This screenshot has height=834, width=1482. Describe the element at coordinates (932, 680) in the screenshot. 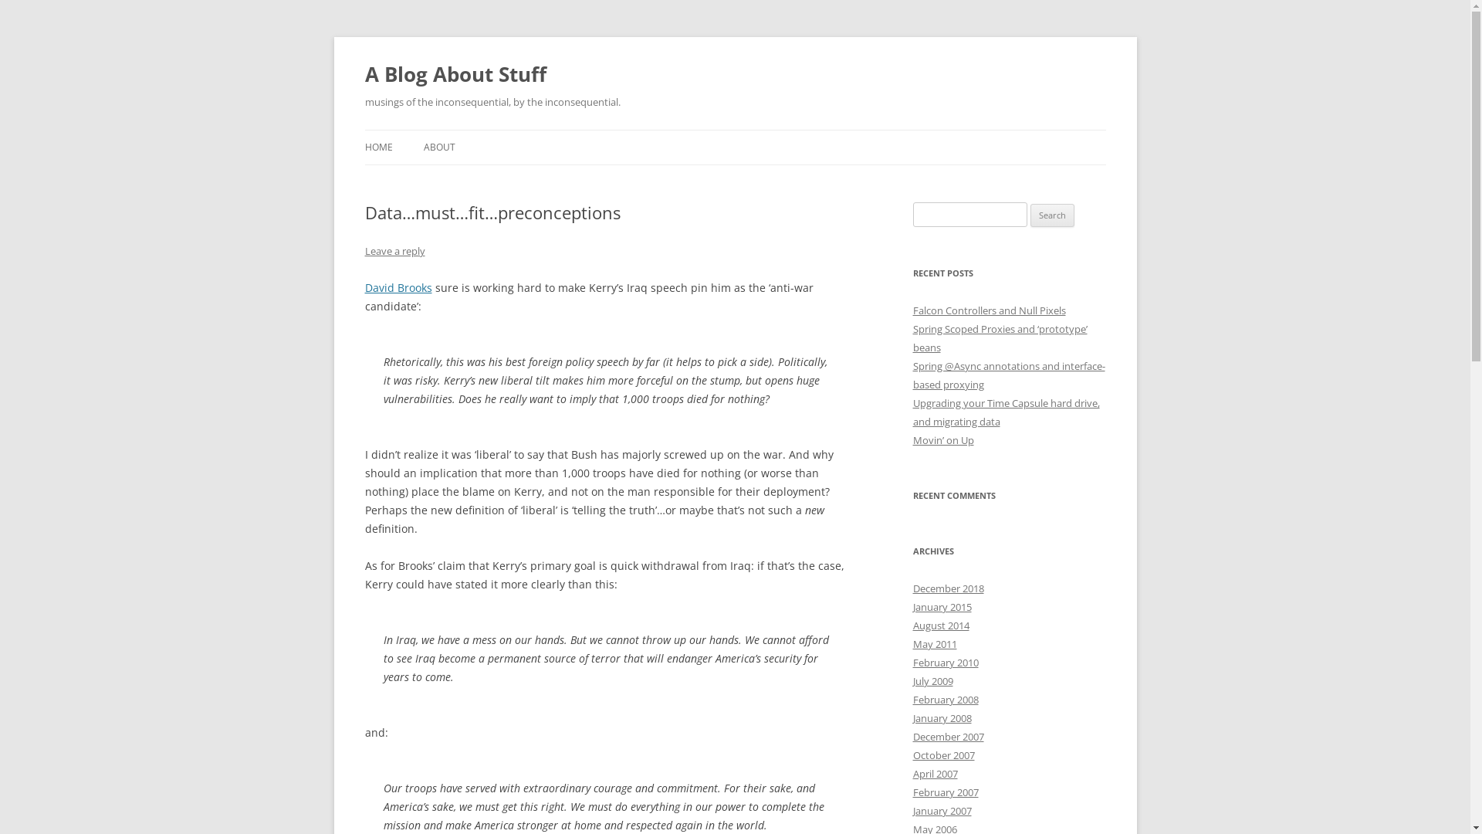

I see `'July 2009'` at that location.